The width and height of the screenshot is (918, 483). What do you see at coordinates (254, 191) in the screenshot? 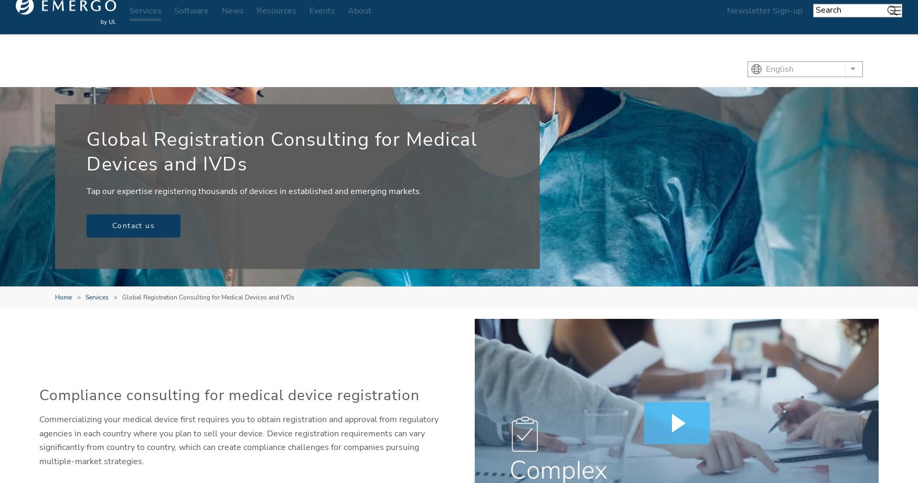
I see `'Tap our expertise registering thousands of devices in established and emerging markets.'` at bounding box center [254, 191].